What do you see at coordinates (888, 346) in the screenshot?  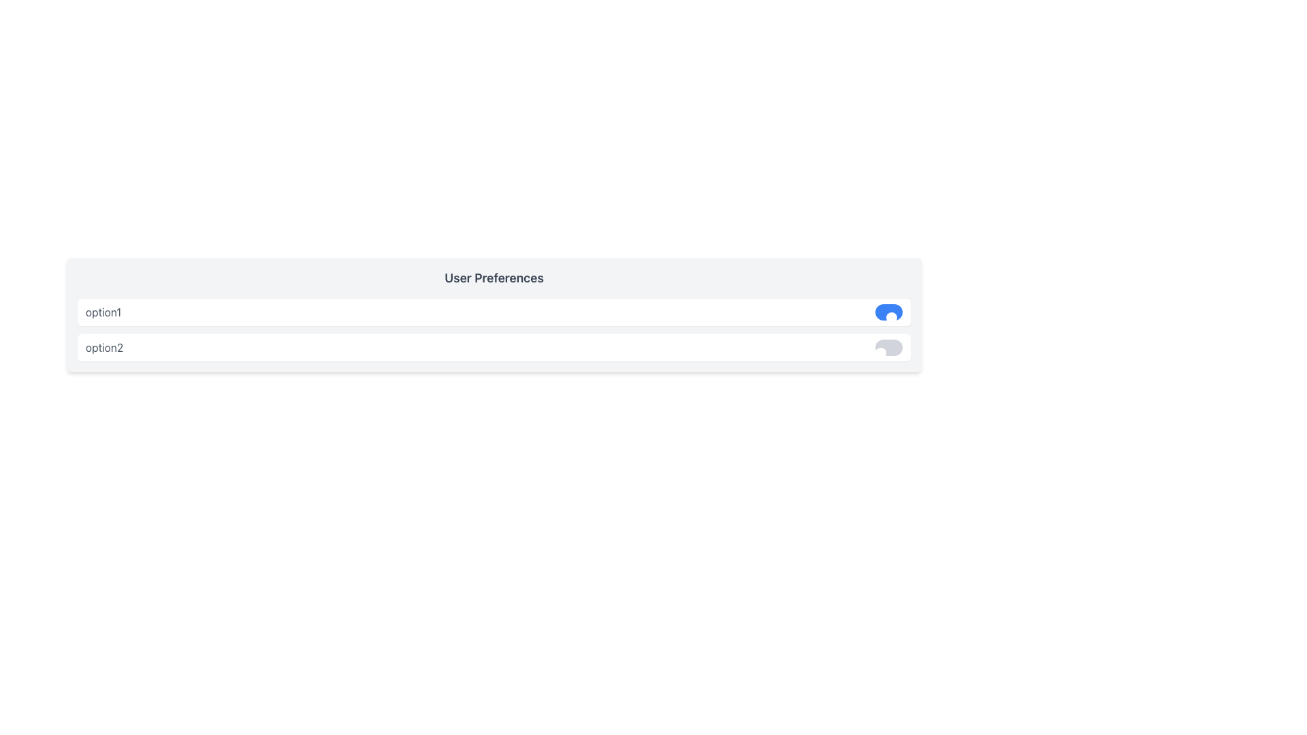 I see `the toggle switch located at the far right of the row labeled 'option2' under the 'User Preferences' header` at bounding box center [888, 346].